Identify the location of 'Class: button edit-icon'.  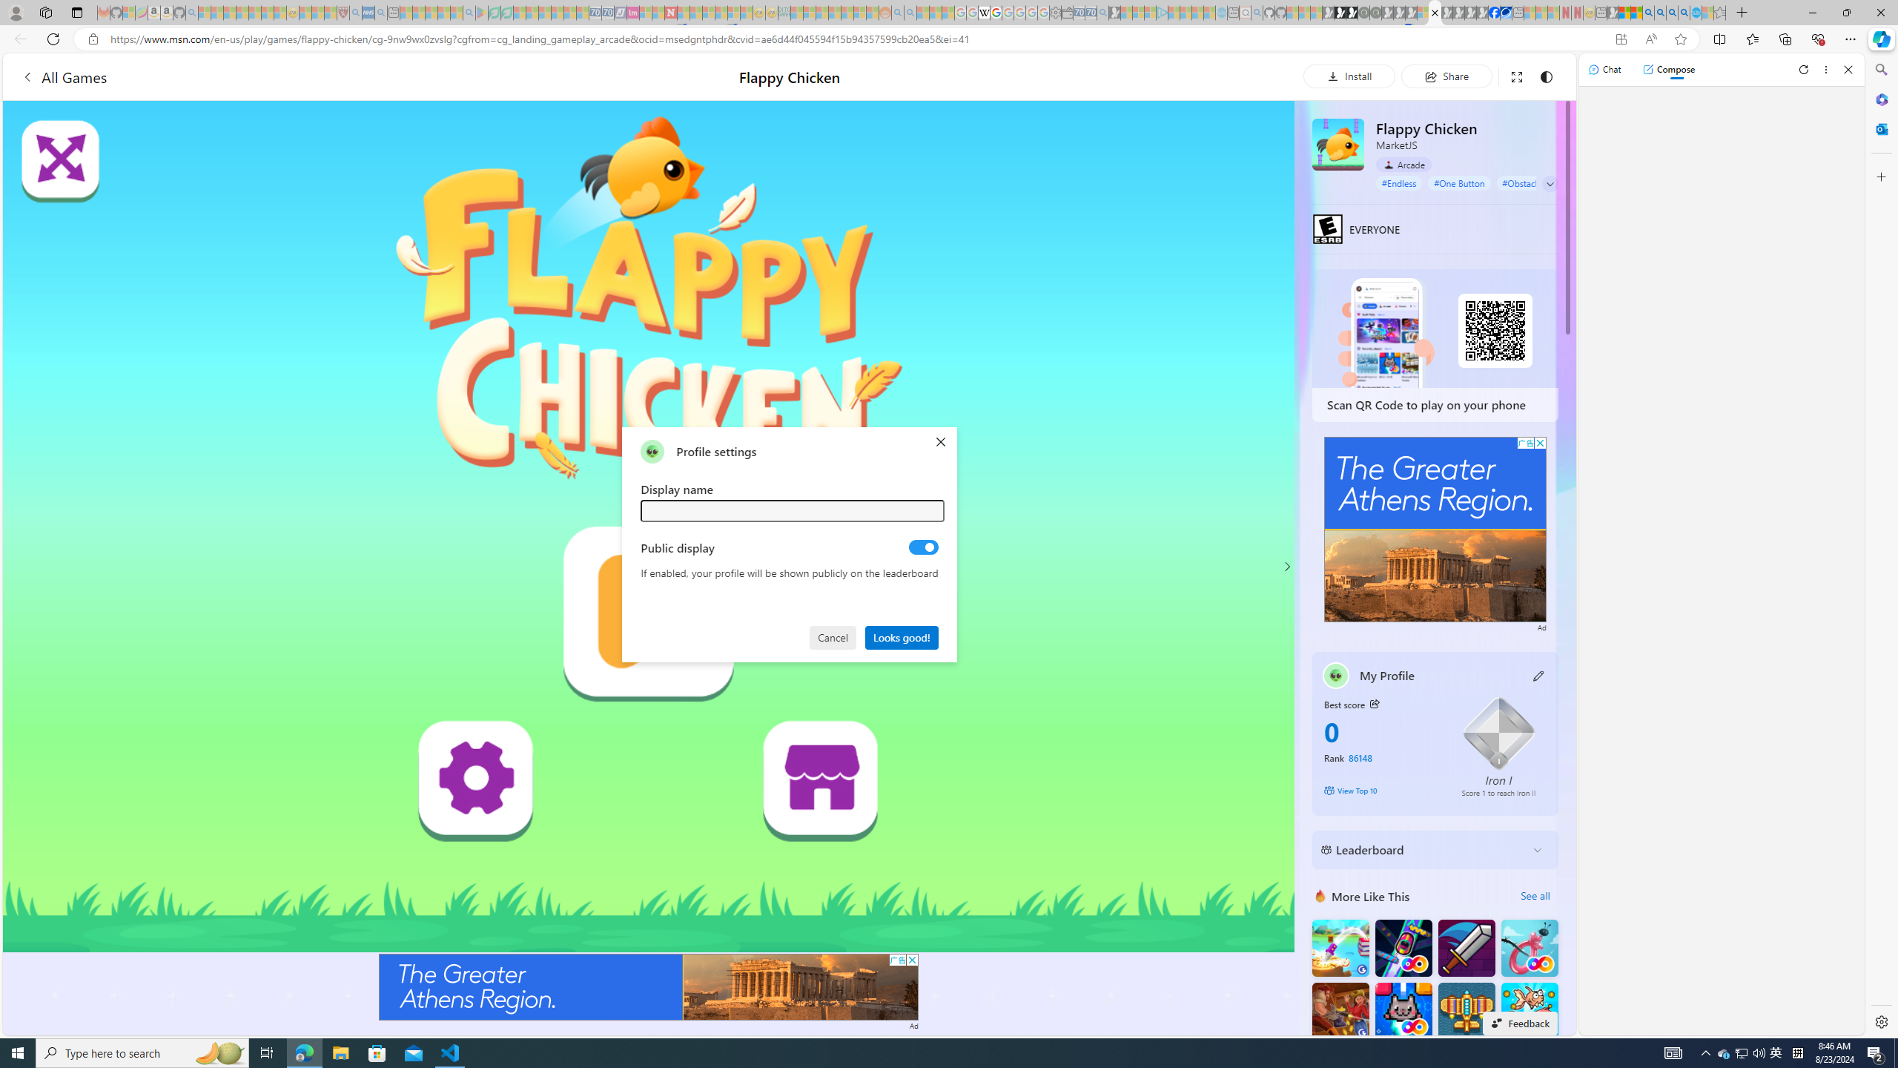
(1538, 674).